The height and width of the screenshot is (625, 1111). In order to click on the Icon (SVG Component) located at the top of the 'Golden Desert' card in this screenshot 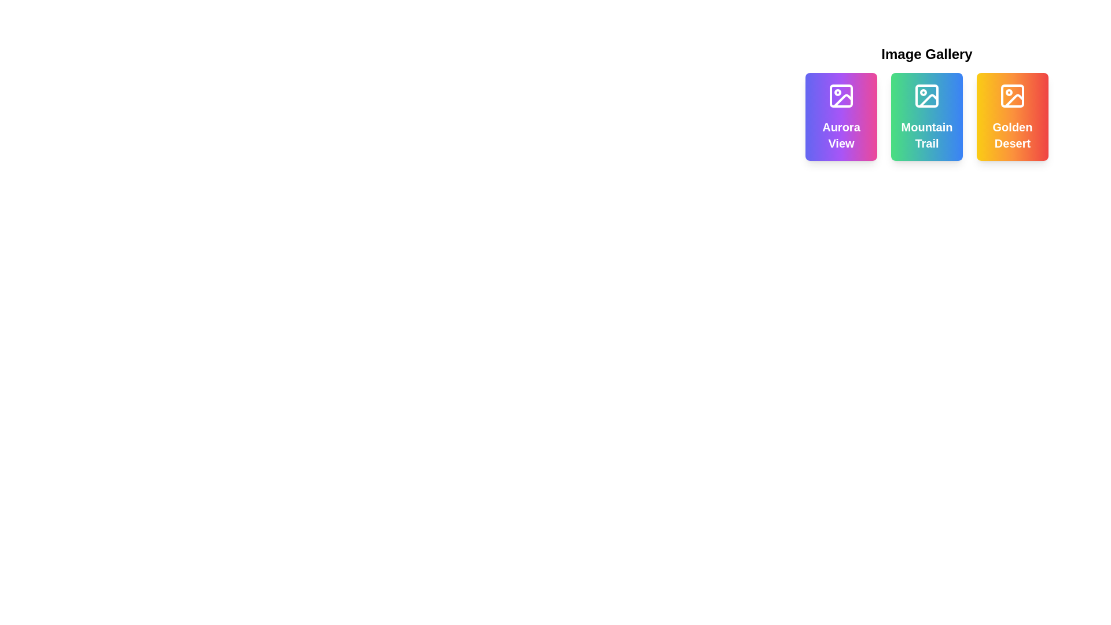, I will do `click(1012, 95)`.